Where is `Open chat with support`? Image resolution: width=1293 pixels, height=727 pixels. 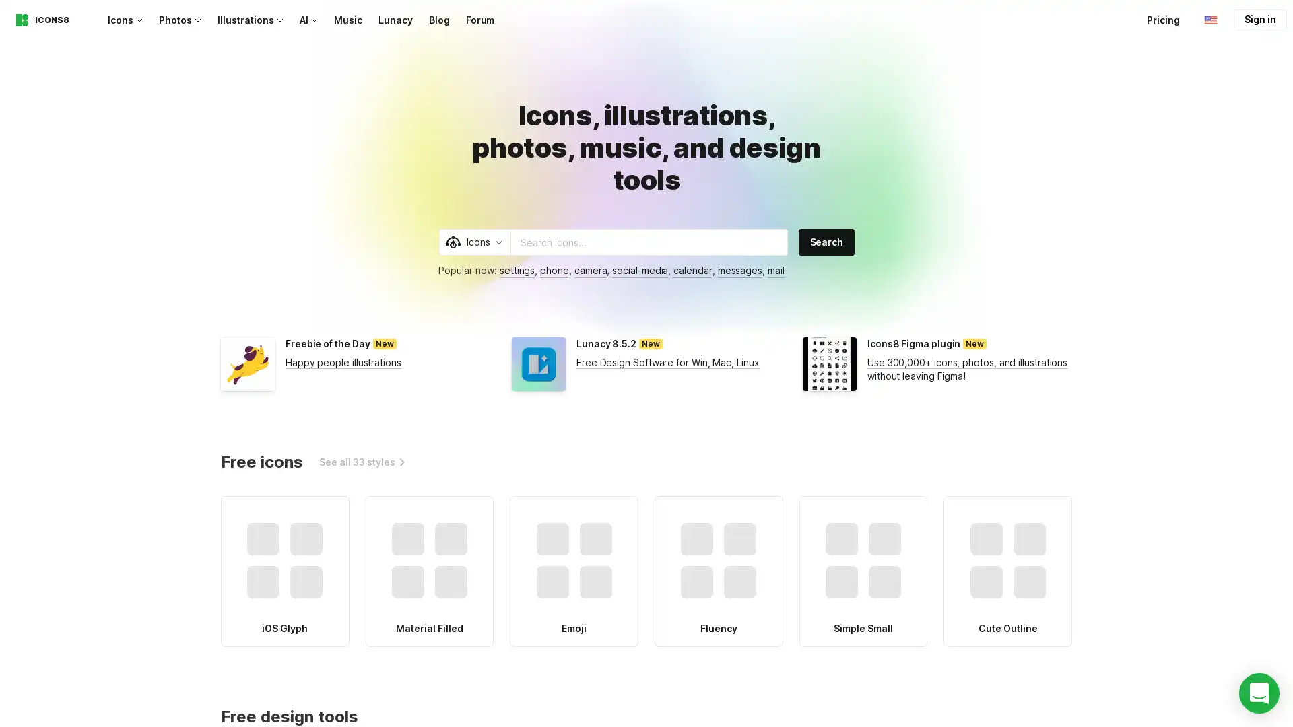 Open chat with support is located at coordinates (1259, 693).